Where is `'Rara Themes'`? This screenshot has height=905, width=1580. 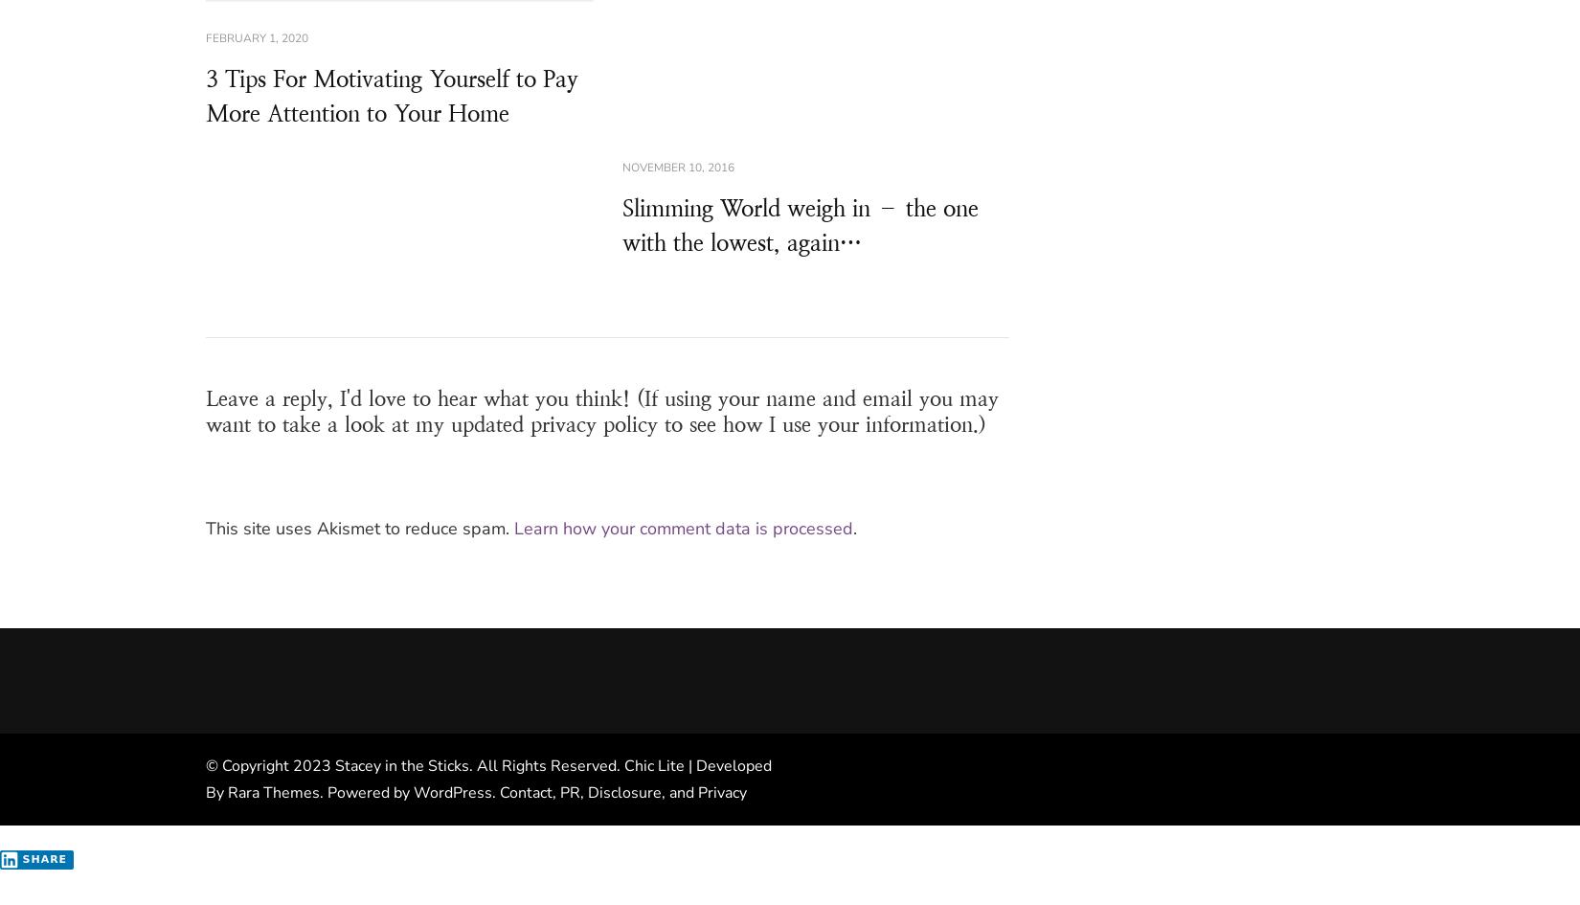
'Rara Themes' is located at coordinates (273, 791).